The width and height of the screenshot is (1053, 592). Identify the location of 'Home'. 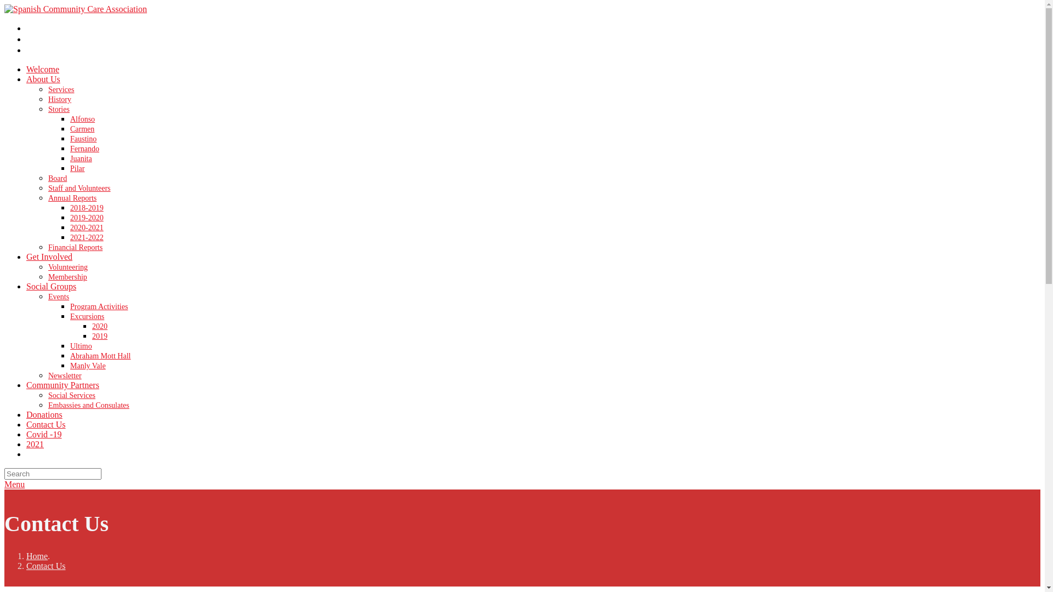
(37, 556).